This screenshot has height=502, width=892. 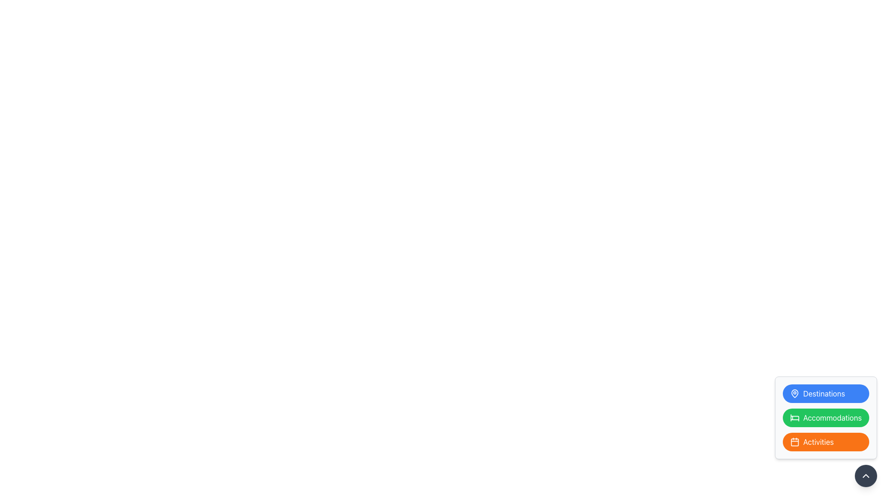 What do you see at coordinates (865, 476) in the screenshot?
I see `the chevron icon within the circular dark gray button located in the bottom-right corner of the interface to trigger a tooltip or animation` at bounding box center [865, 476].